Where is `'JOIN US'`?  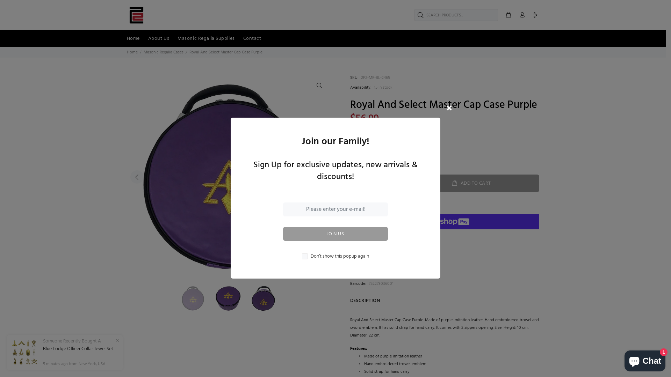
'JOIN US' is located at coordinates (335, 234).